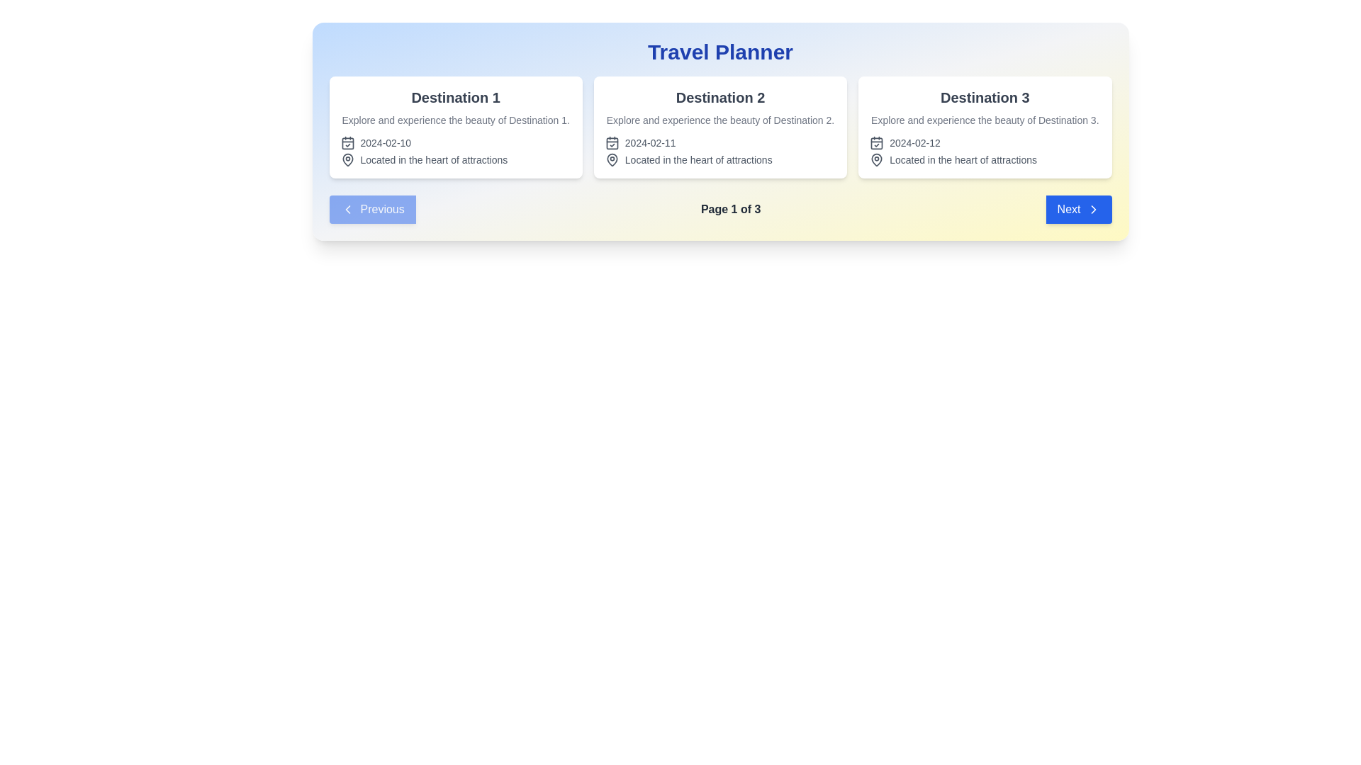 This screenshot has width=1361, height=765. I want to click on the navigation button located on the left side of the pagination control bar, so click(372, 210).